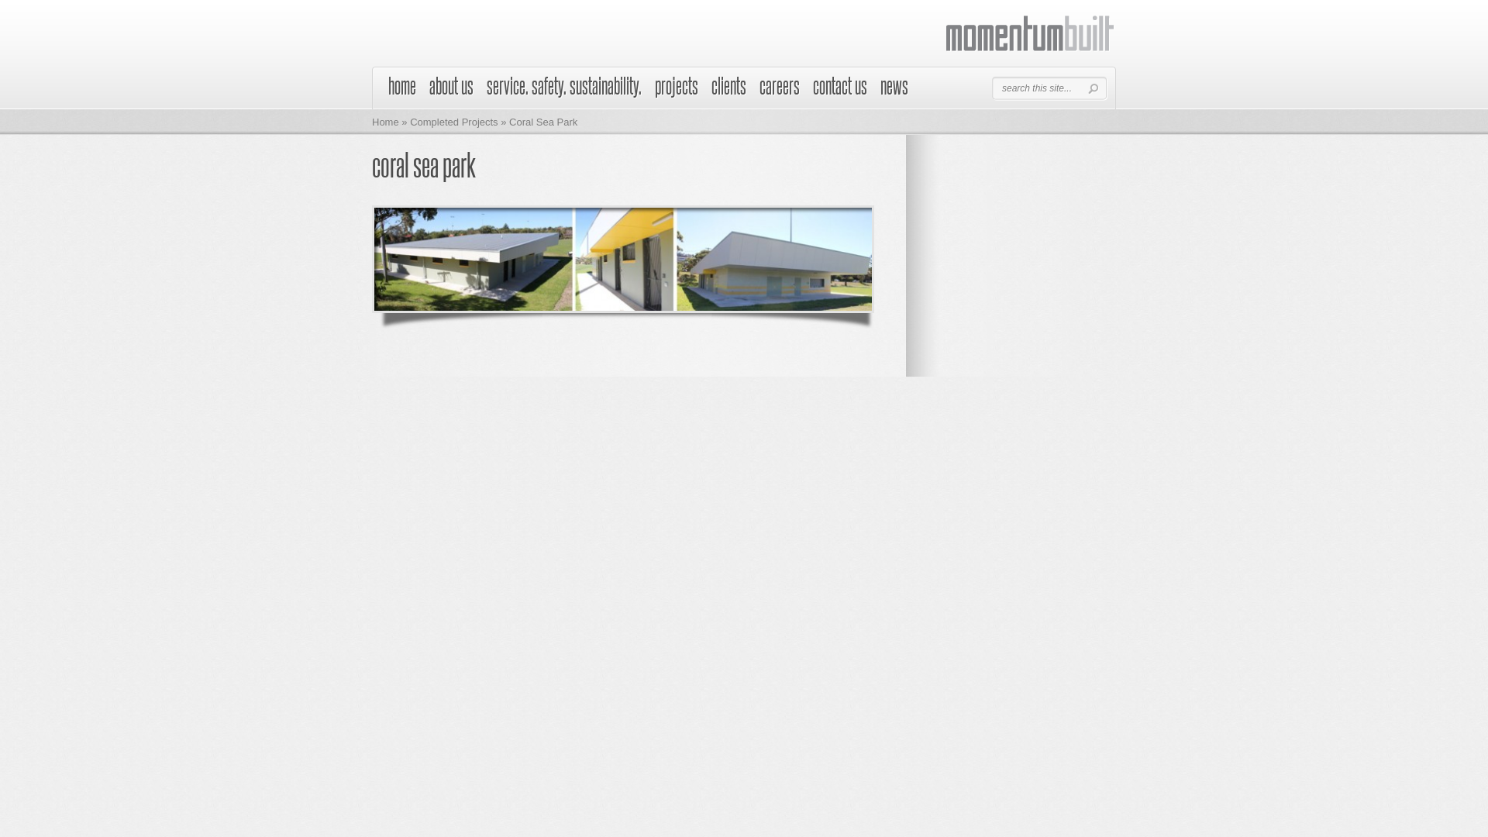 This screenshot has width=1488, height=837. What do you see at coordinates (812, 91) in the screenshot?
I see `'contact us'` at bounding box center [812, 91].